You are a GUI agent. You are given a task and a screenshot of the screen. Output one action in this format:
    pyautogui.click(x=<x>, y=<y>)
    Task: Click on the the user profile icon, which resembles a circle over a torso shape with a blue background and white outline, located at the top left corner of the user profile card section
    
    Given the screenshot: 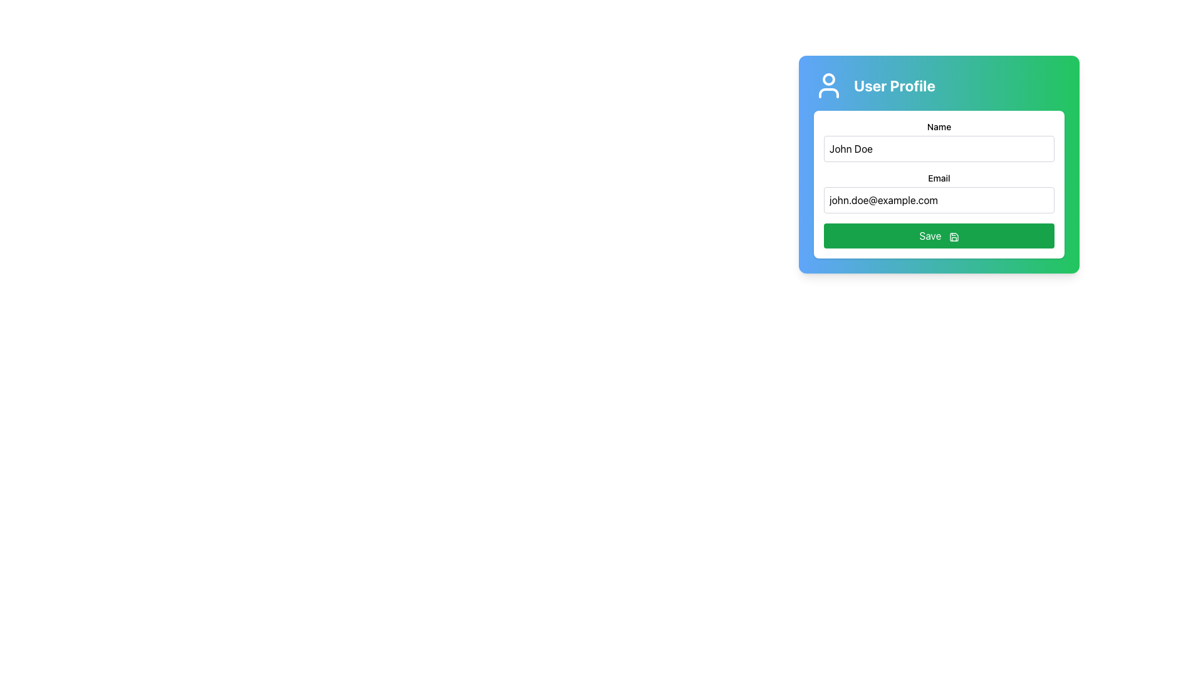 What is the action you would take?
    pyautogui.click(x=829, y=85)
    